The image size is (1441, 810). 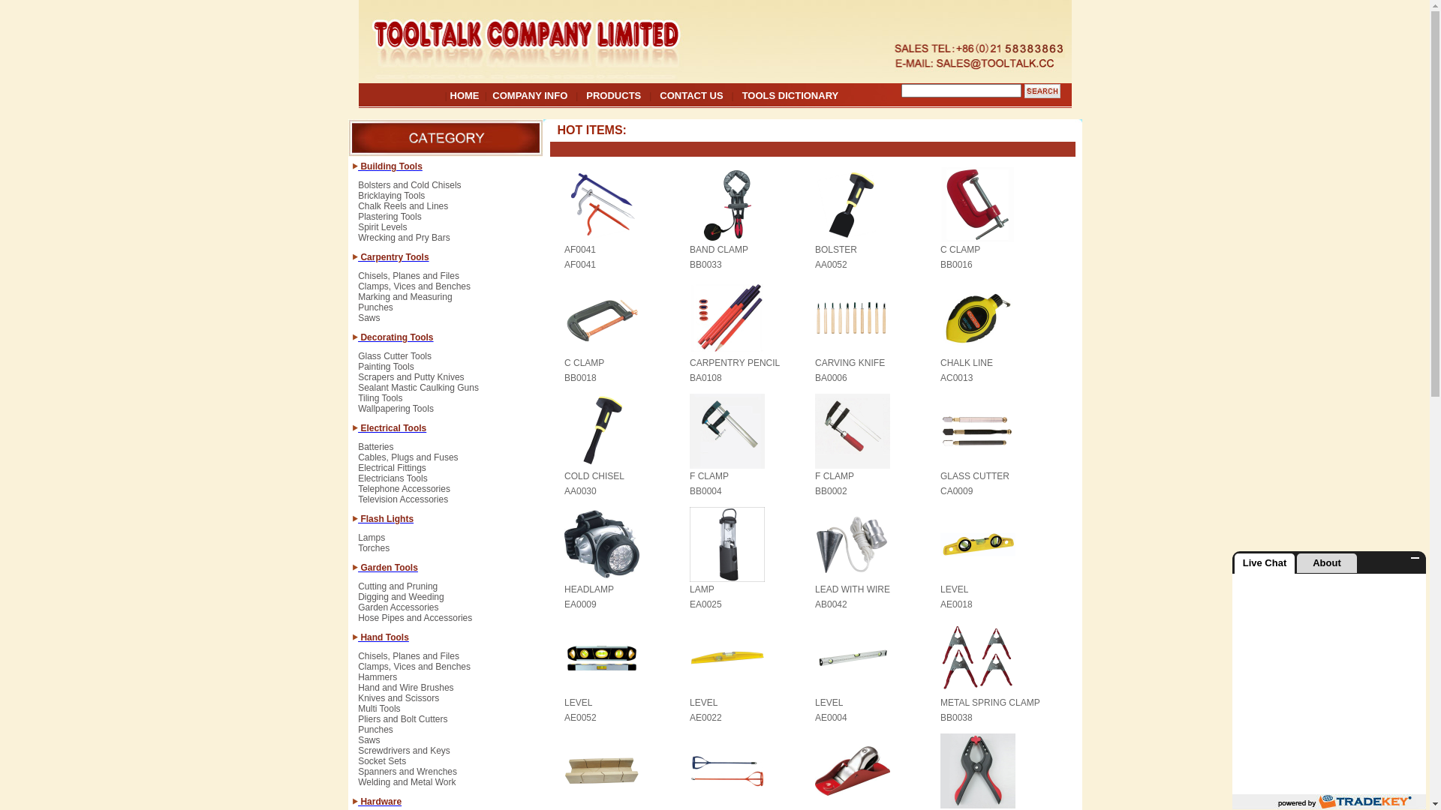 What do you see at coordinates (990, 703) in the screenshot?
I see `'METAL SPRING CLAMP'` at bounding box center [990, 703].